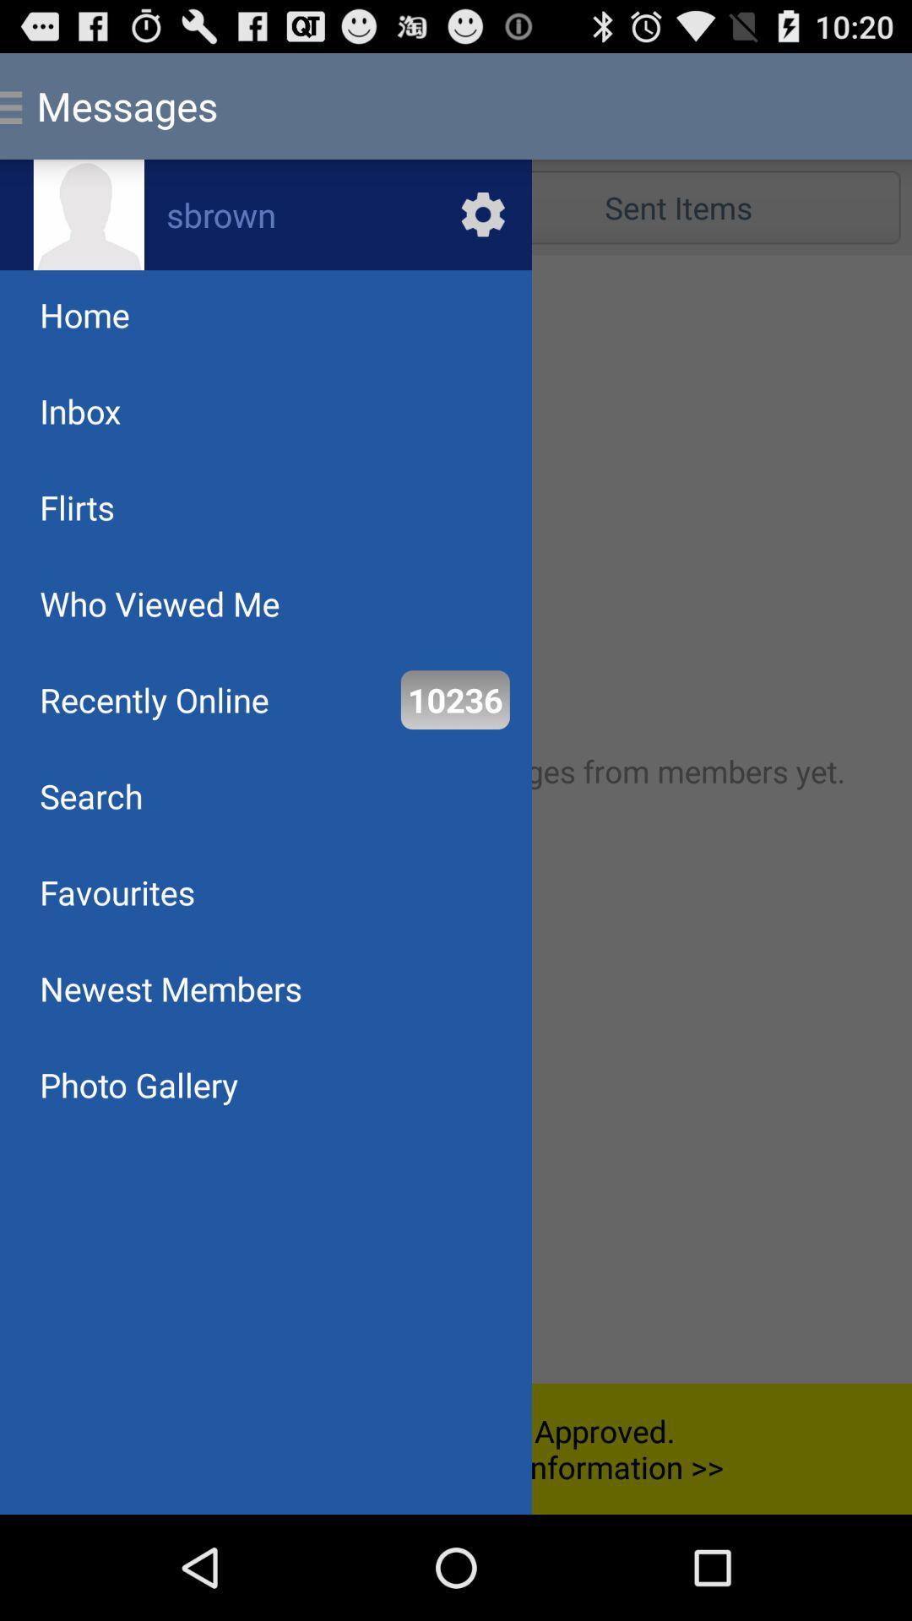 The width and height of the screenshot is (912, 1621). What do you see at coordinates (456, 819) in the screenshot?
I see `the item below the inbox item` at bounding box center [456, 819].